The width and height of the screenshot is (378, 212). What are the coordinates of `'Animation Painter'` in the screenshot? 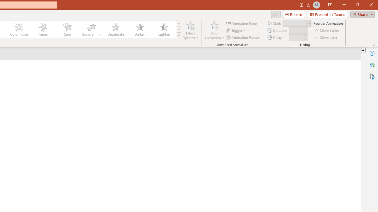 It's located at (243, 37).